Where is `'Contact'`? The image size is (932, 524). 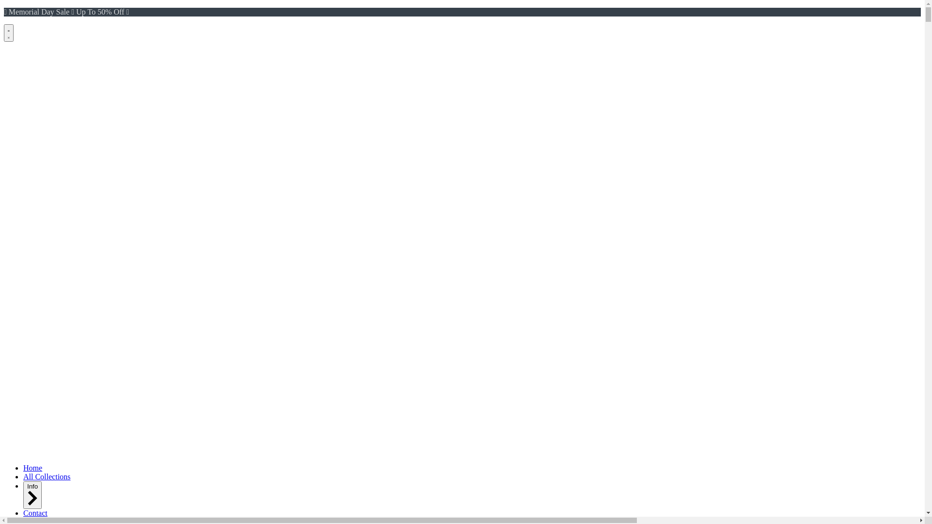 'Contact' is located at coordinates (23, 512).